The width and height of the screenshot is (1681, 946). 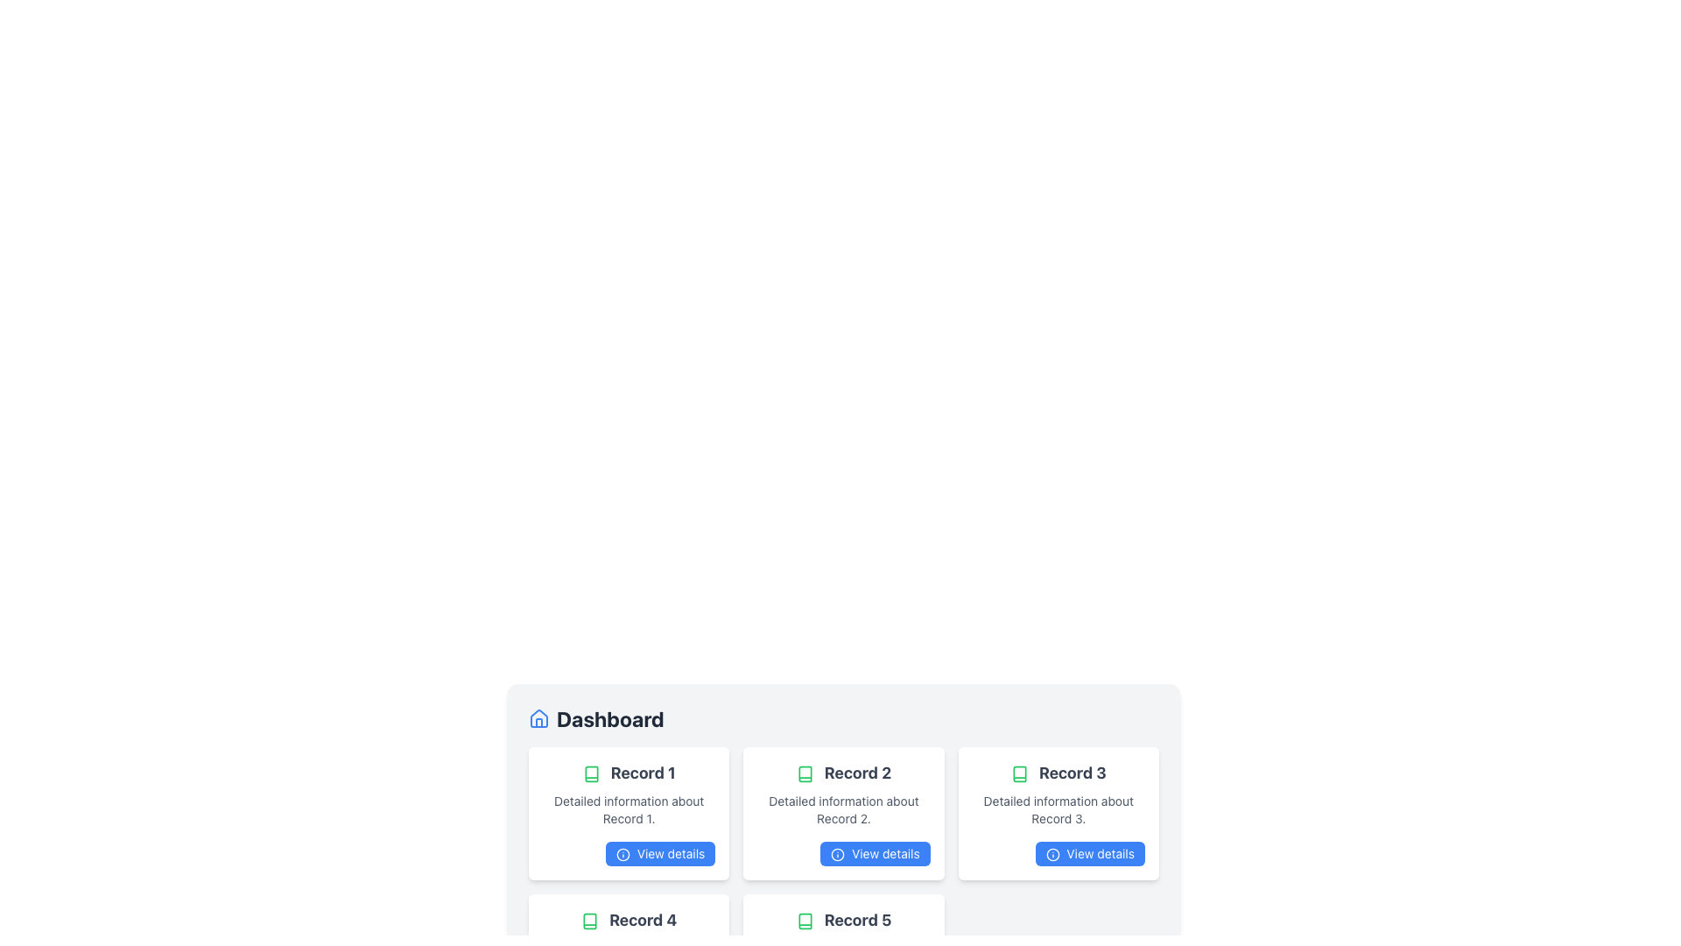 I want to click on the blue button labeled 'View details' with an information icon located at the bottom-right corner of the card for 'Record 2', so click(x=875, y=853).